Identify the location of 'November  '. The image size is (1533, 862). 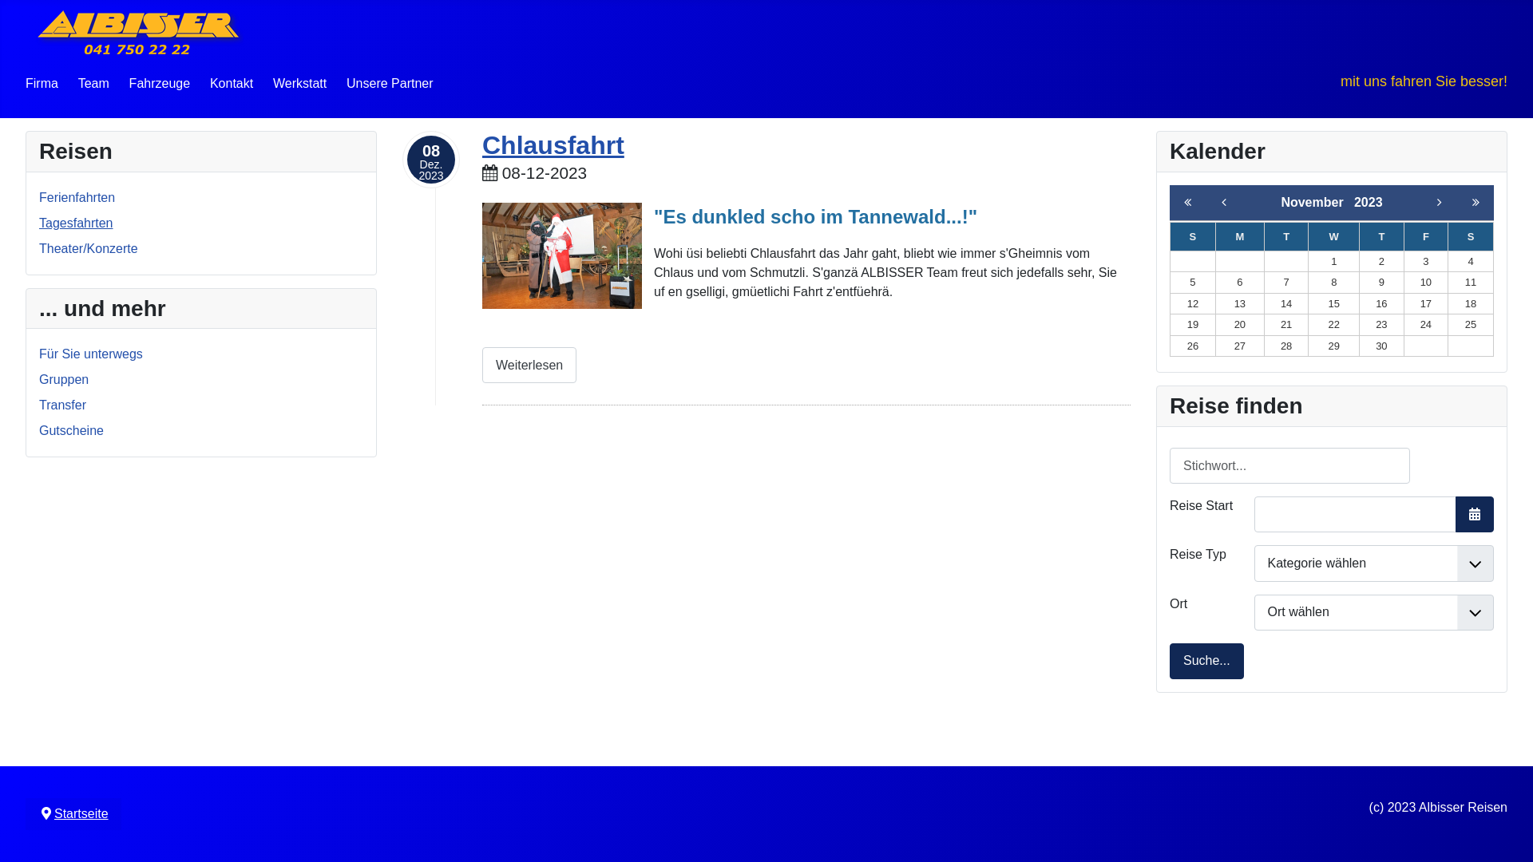
(1280, 201).